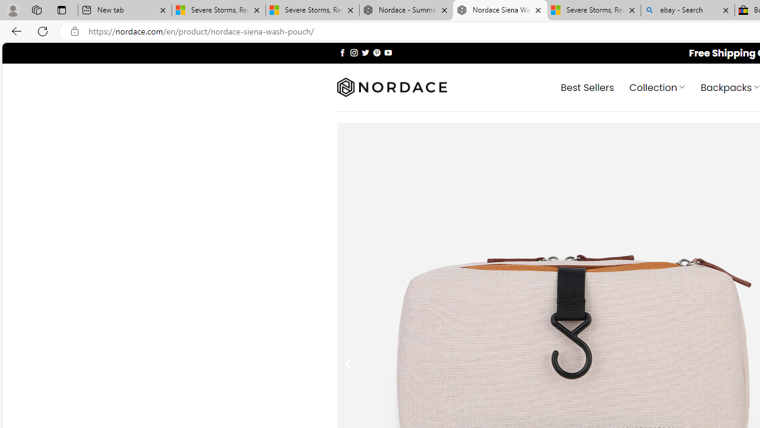 Image resolution: width=760 pixels, height=428 pixels. What do you see at coordinates (342, 52) in the screenshot?
I see `'Follow on Facebook'` at bounding box center [342, 52].